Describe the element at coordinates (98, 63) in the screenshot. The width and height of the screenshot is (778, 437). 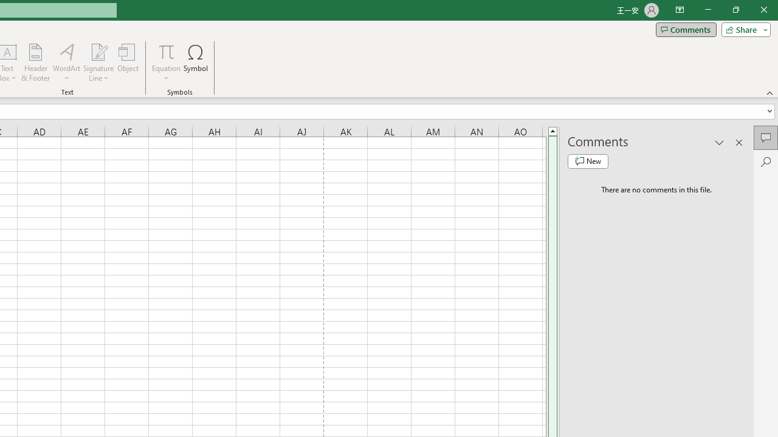
I see `'Signature Line'` at that location.